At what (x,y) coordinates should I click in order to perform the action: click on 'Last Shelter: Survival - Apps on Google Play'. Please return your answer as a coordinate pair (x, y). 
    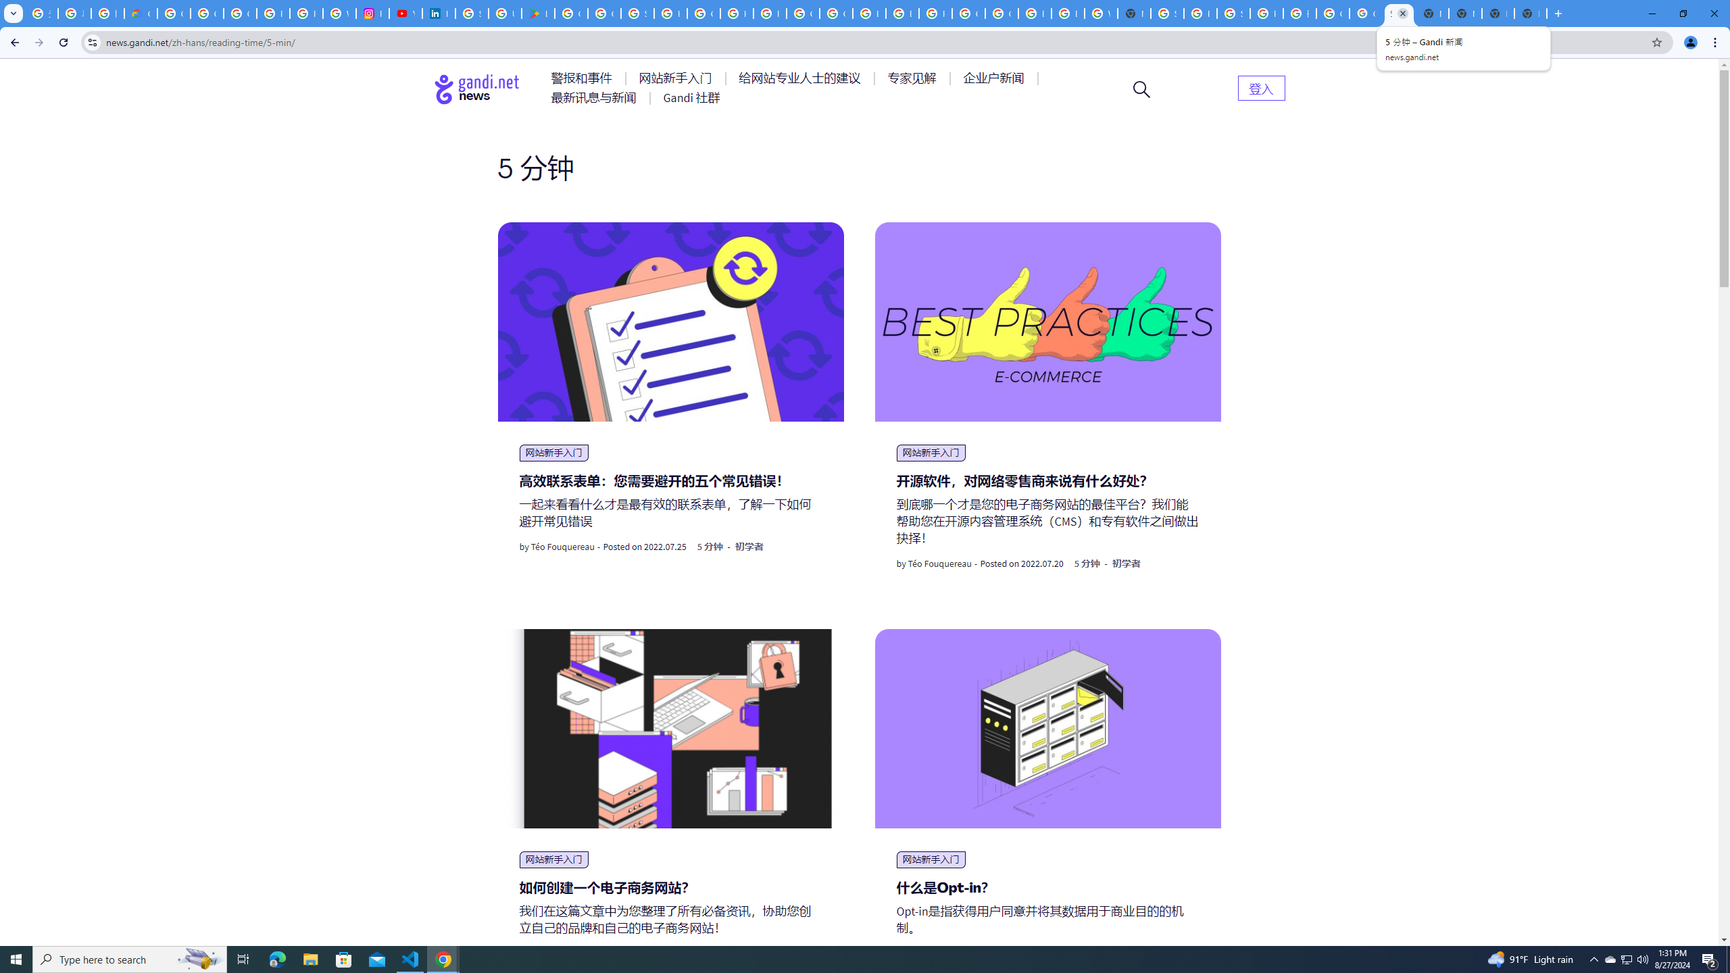
    Looking at the image, I should click on (537, 13).